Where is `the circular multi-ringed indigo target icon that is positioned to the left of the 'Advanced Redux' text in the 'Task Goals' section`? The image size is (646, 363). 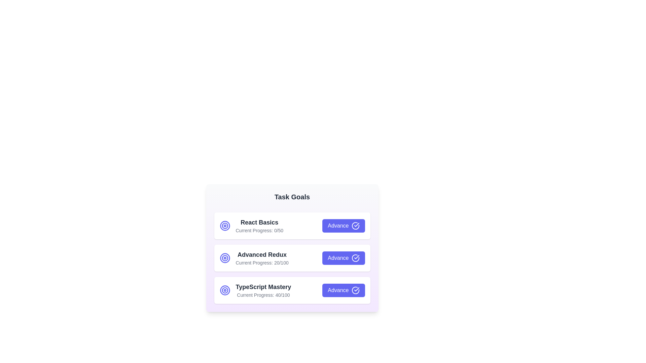
the circular multi-ringed indigo target icon that is positioned to the left of the 'Advanced Redux' text in the 'Task Goals' section is located at coordinates (225, 257).